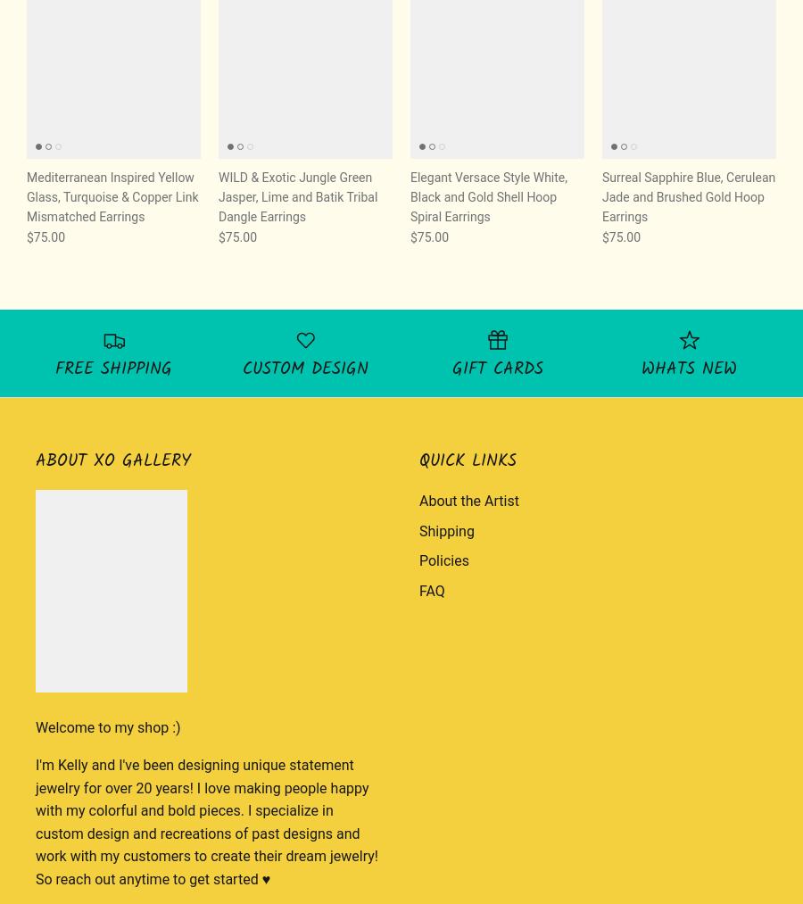 This screenshot has width=803, height=904. Describe the element at coordinates (576, 62) in the screenshot. I see `'Curaçao'` at that location.